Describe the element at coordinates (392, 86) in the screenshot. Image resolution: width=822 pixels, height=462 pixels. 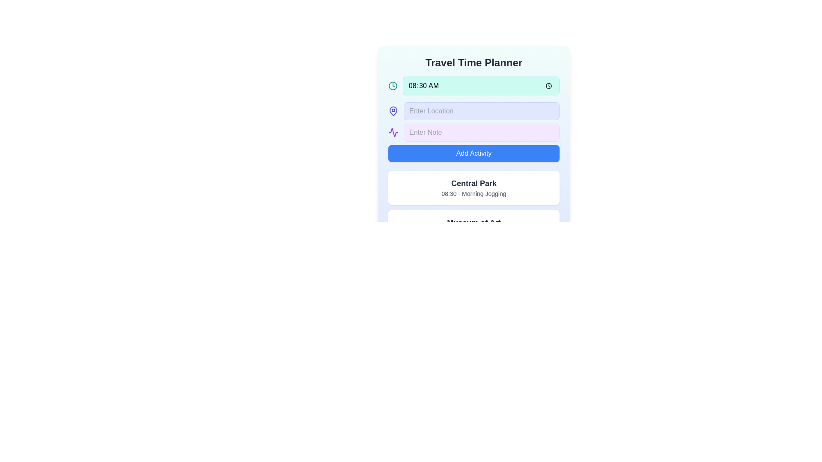
I see `the circular clock icon with a teal outline located to the far left of the input field displaying '08:30 AM'` at that location.